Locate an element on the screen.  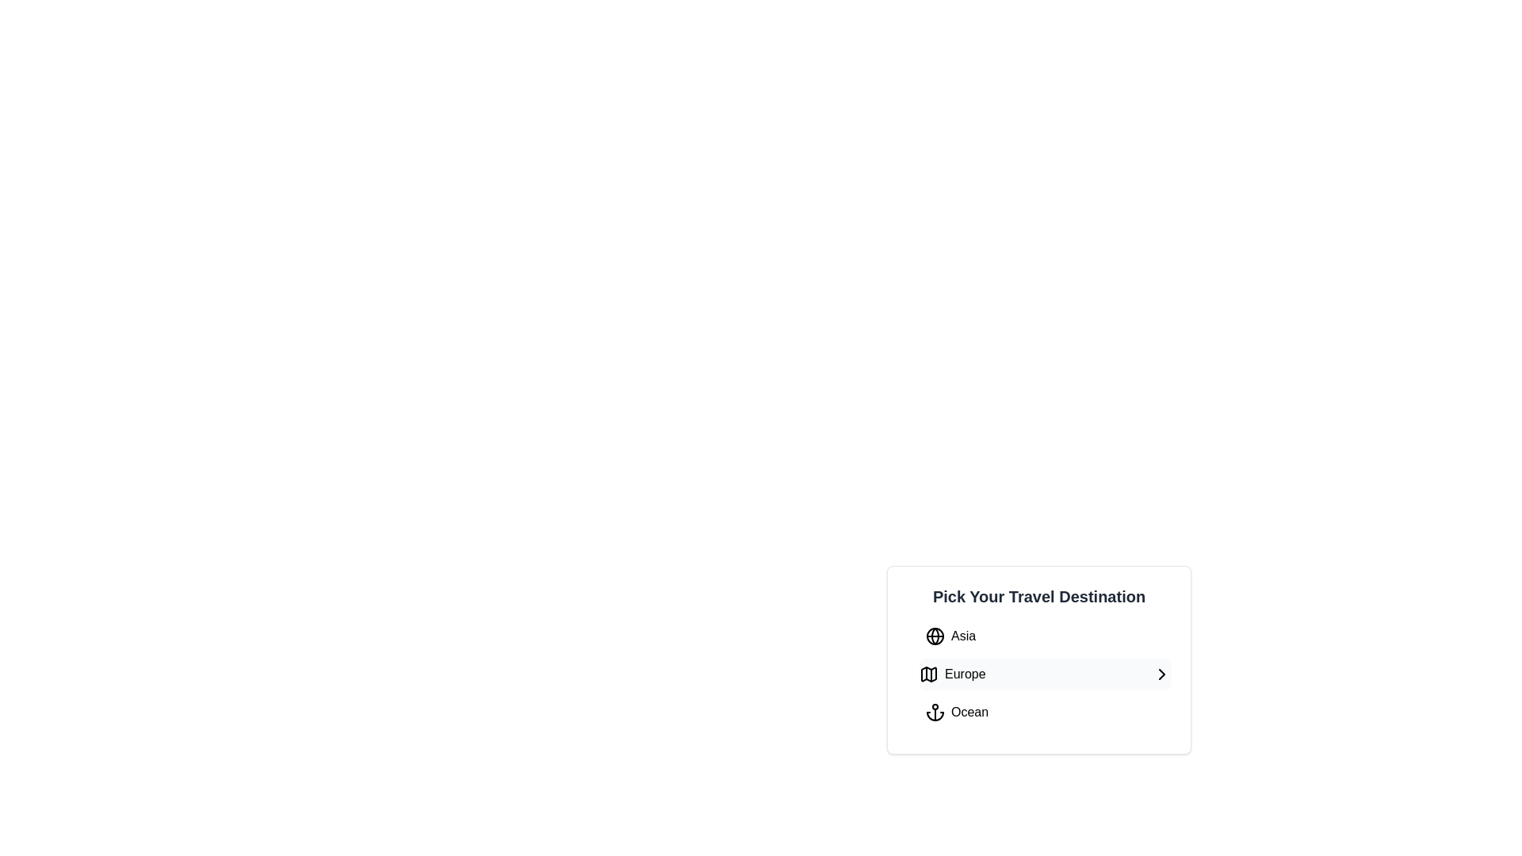
the 'Asia' selectable list item in the 'Pick Your Travel Destination' section is located at coordinates (1046, 635).